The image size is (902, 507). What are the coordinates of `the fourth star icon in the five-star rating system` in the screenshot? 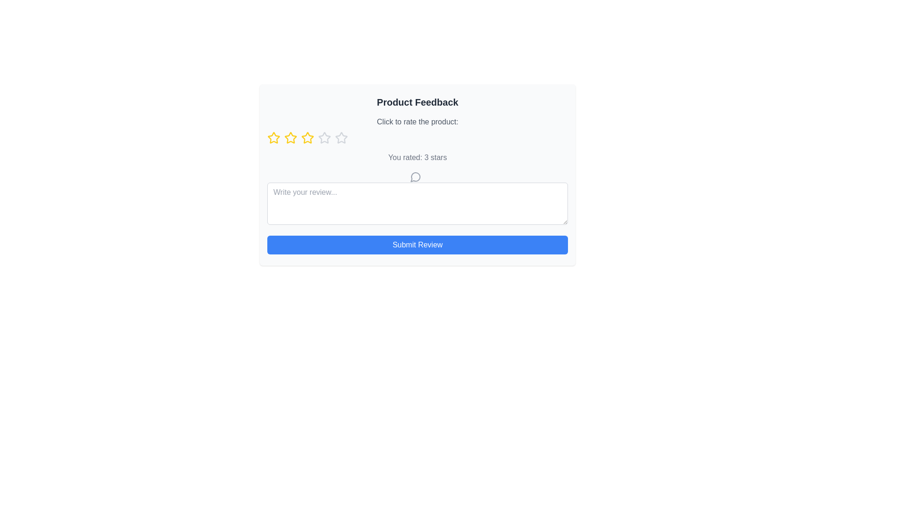 It's located at (325, 138).